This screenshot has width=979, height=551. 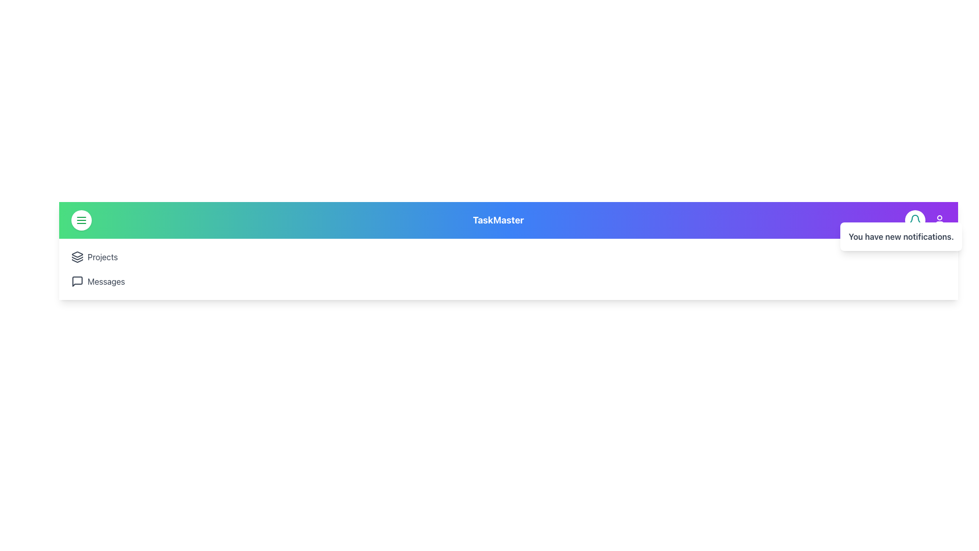 What do you see at coordinates (77, 281) in the screenshot?
I see `the 'Messages' icon located in the top-left navigational menu` at bounding box center [77, 281].